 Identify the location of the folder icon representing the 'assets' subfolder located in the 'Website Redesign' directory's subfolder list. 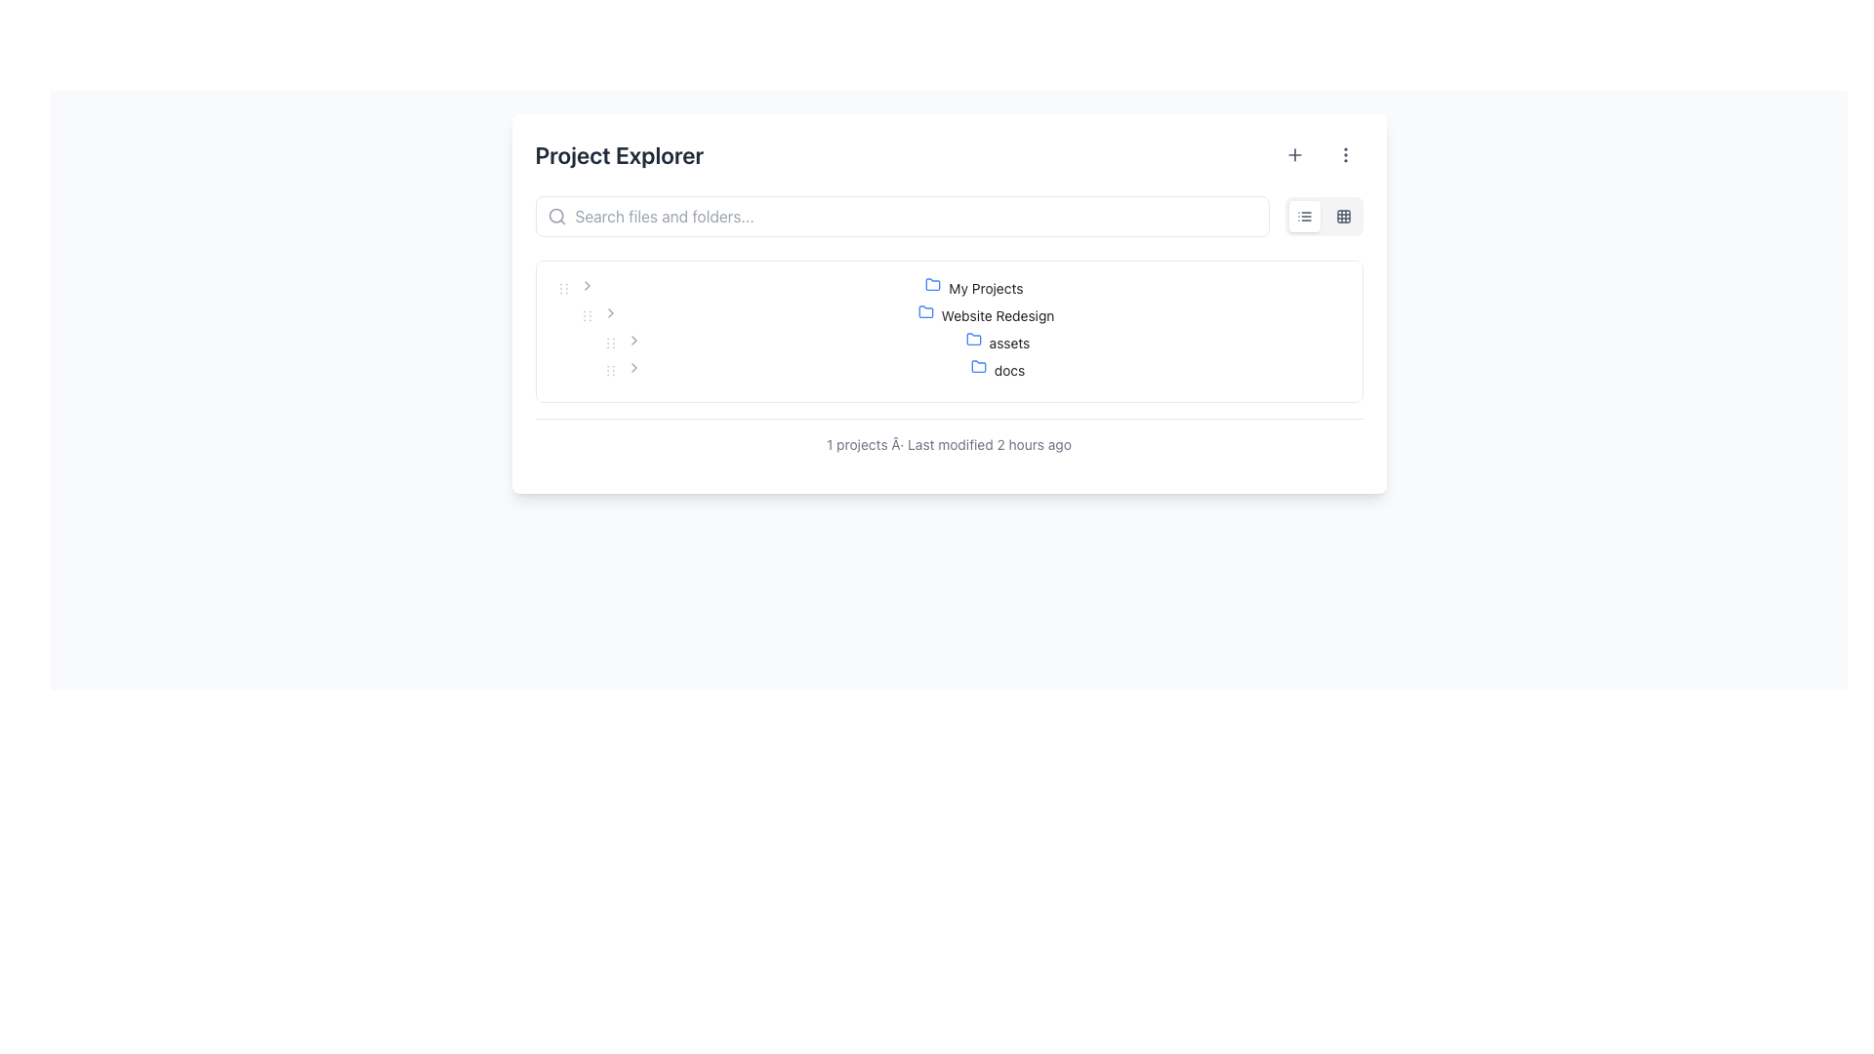
(973, 338).